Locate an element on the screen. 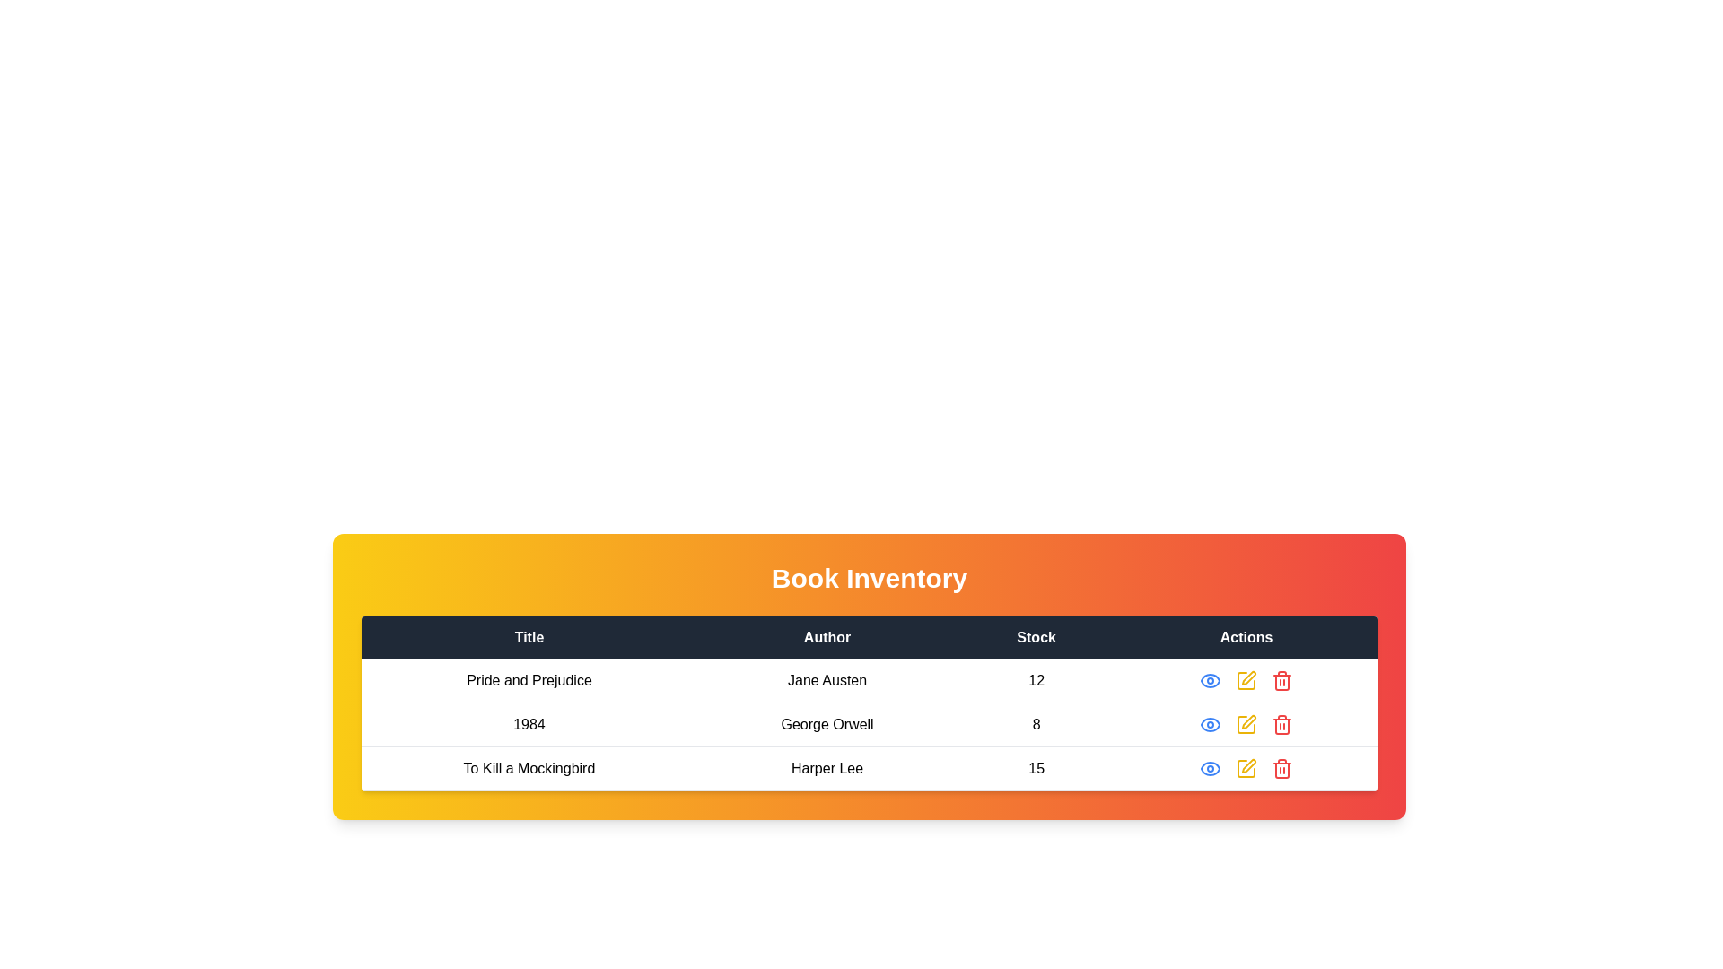  the text label displaying 'Jane Austen' in the second cell of the second row under the 'Author' column of the table is located at coordinates (827, 681).